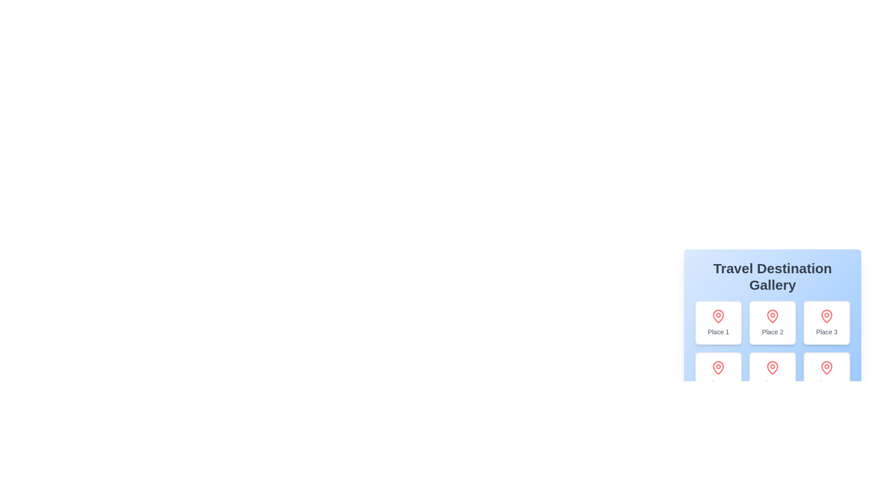 Image resolution: width=882 pixels, height=496 pixels. I want to click on the red map pin icon located in the lower-right corner of the 'Place 6' travel destination card, so click(827, 367).